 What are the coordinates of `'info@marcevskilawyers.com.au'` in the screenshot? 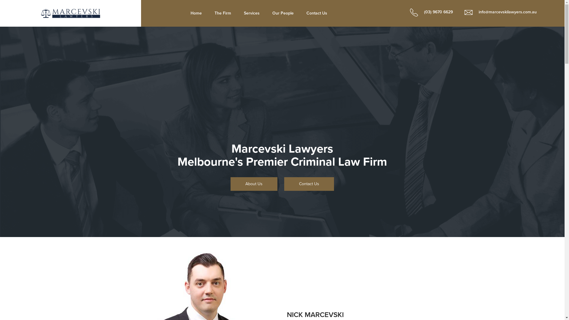 It's located at (458, 12).